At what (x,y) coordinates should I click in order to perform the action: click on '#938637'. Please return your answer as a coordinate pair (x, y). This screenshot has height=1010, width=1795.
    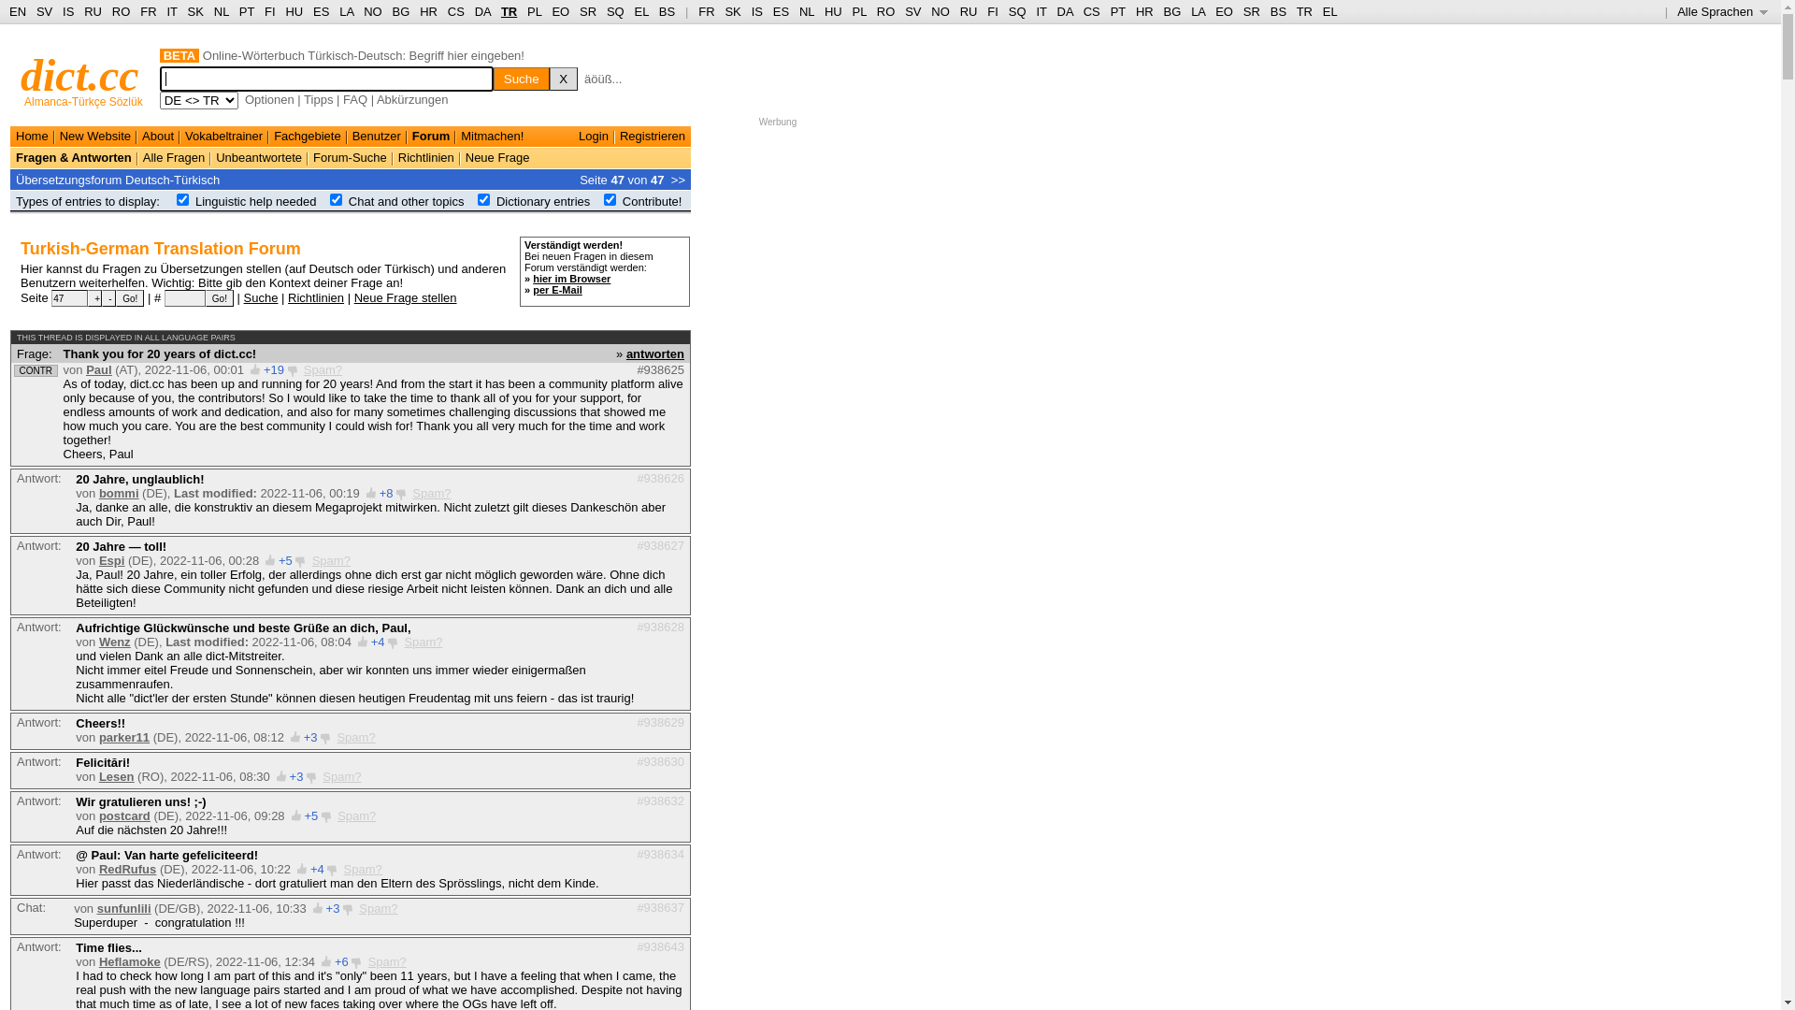
    Looking at the image, I should click on (660, 905).